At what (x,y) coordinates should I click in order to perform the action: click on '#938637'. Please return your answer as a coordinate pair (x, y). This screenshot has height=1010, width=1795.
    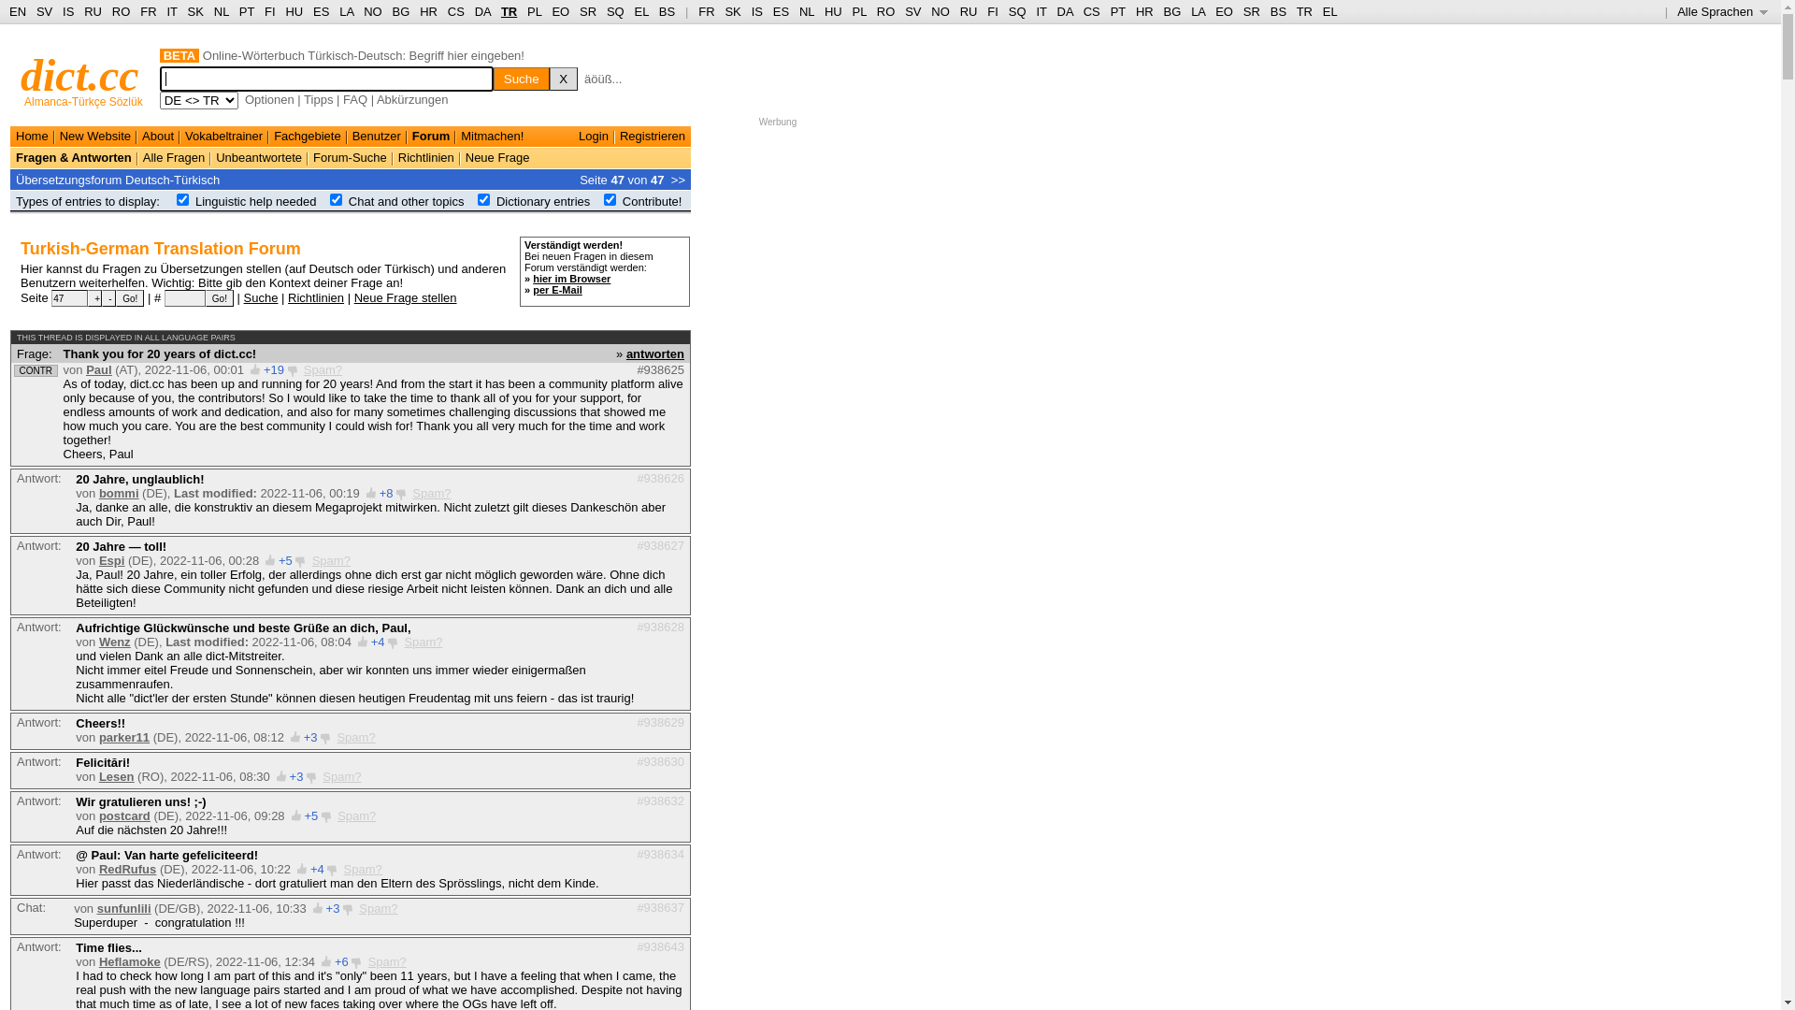
    Looking at the image, I should click on (660, 905).